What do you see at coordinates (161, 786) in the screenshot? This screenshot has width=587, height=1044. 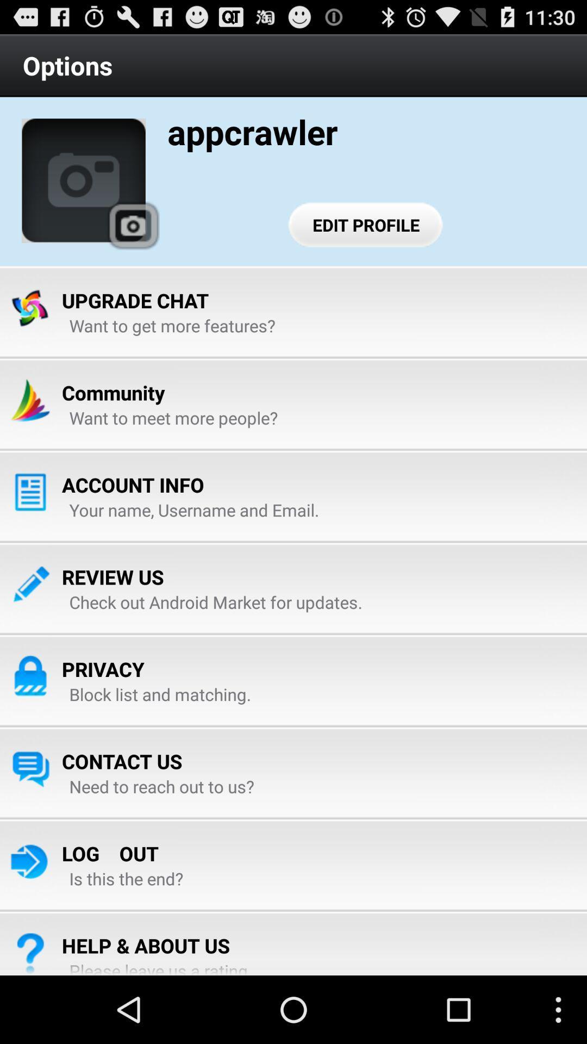 I see `need to reach app` at bounding box center [161, 786].